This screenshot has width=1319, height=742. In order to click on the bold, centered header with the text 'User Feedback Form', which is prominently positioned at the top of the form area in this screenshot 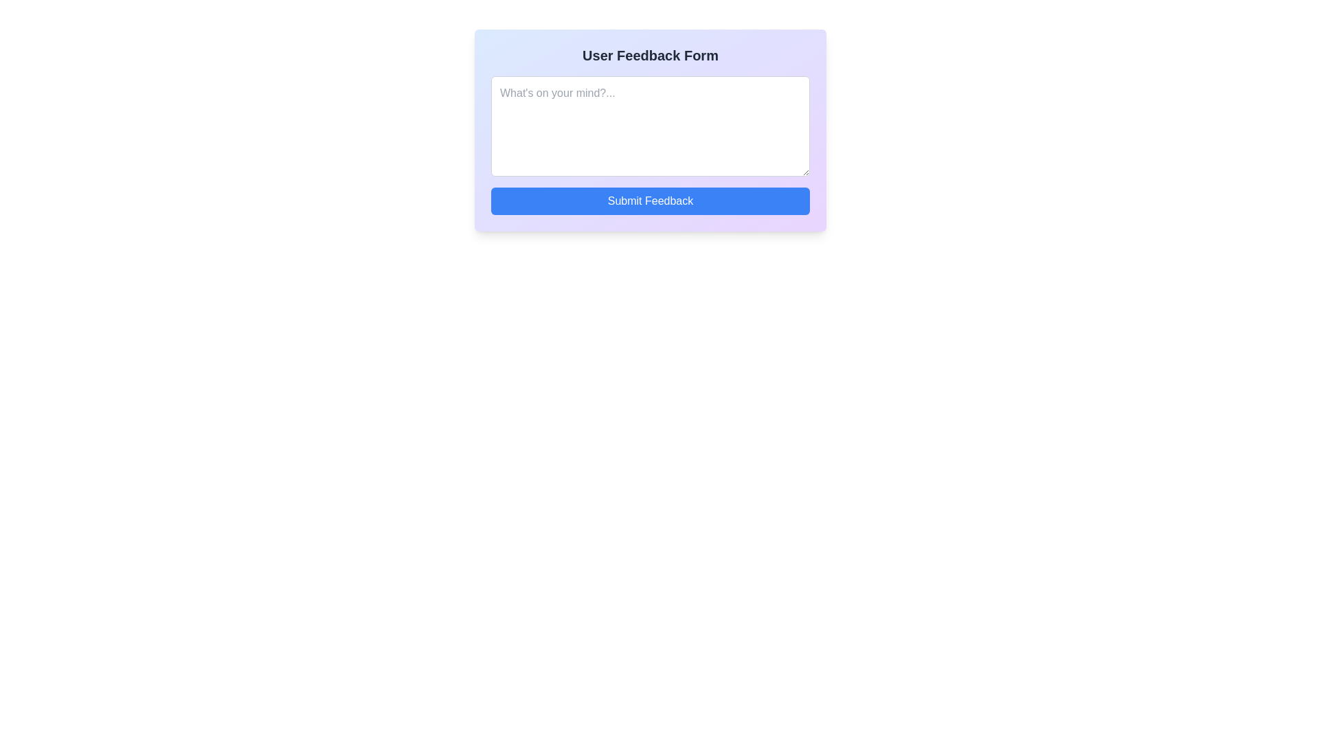, I will do `click(649, 55)`.